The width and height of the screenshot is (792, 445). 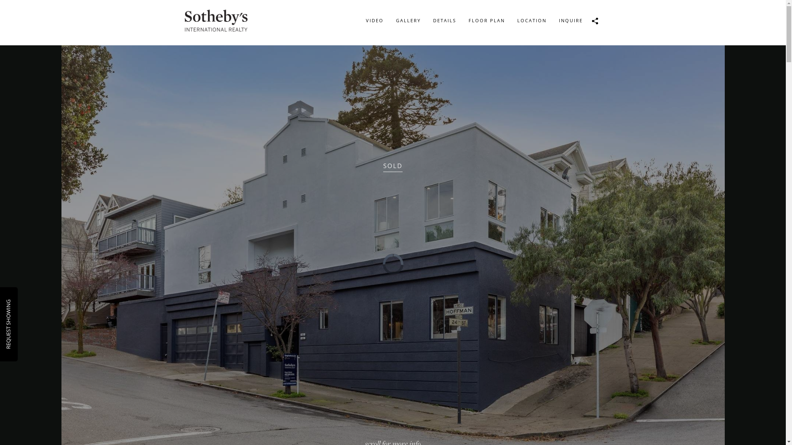 I want to click on 'DETAILS', so click(x=443, y=20).